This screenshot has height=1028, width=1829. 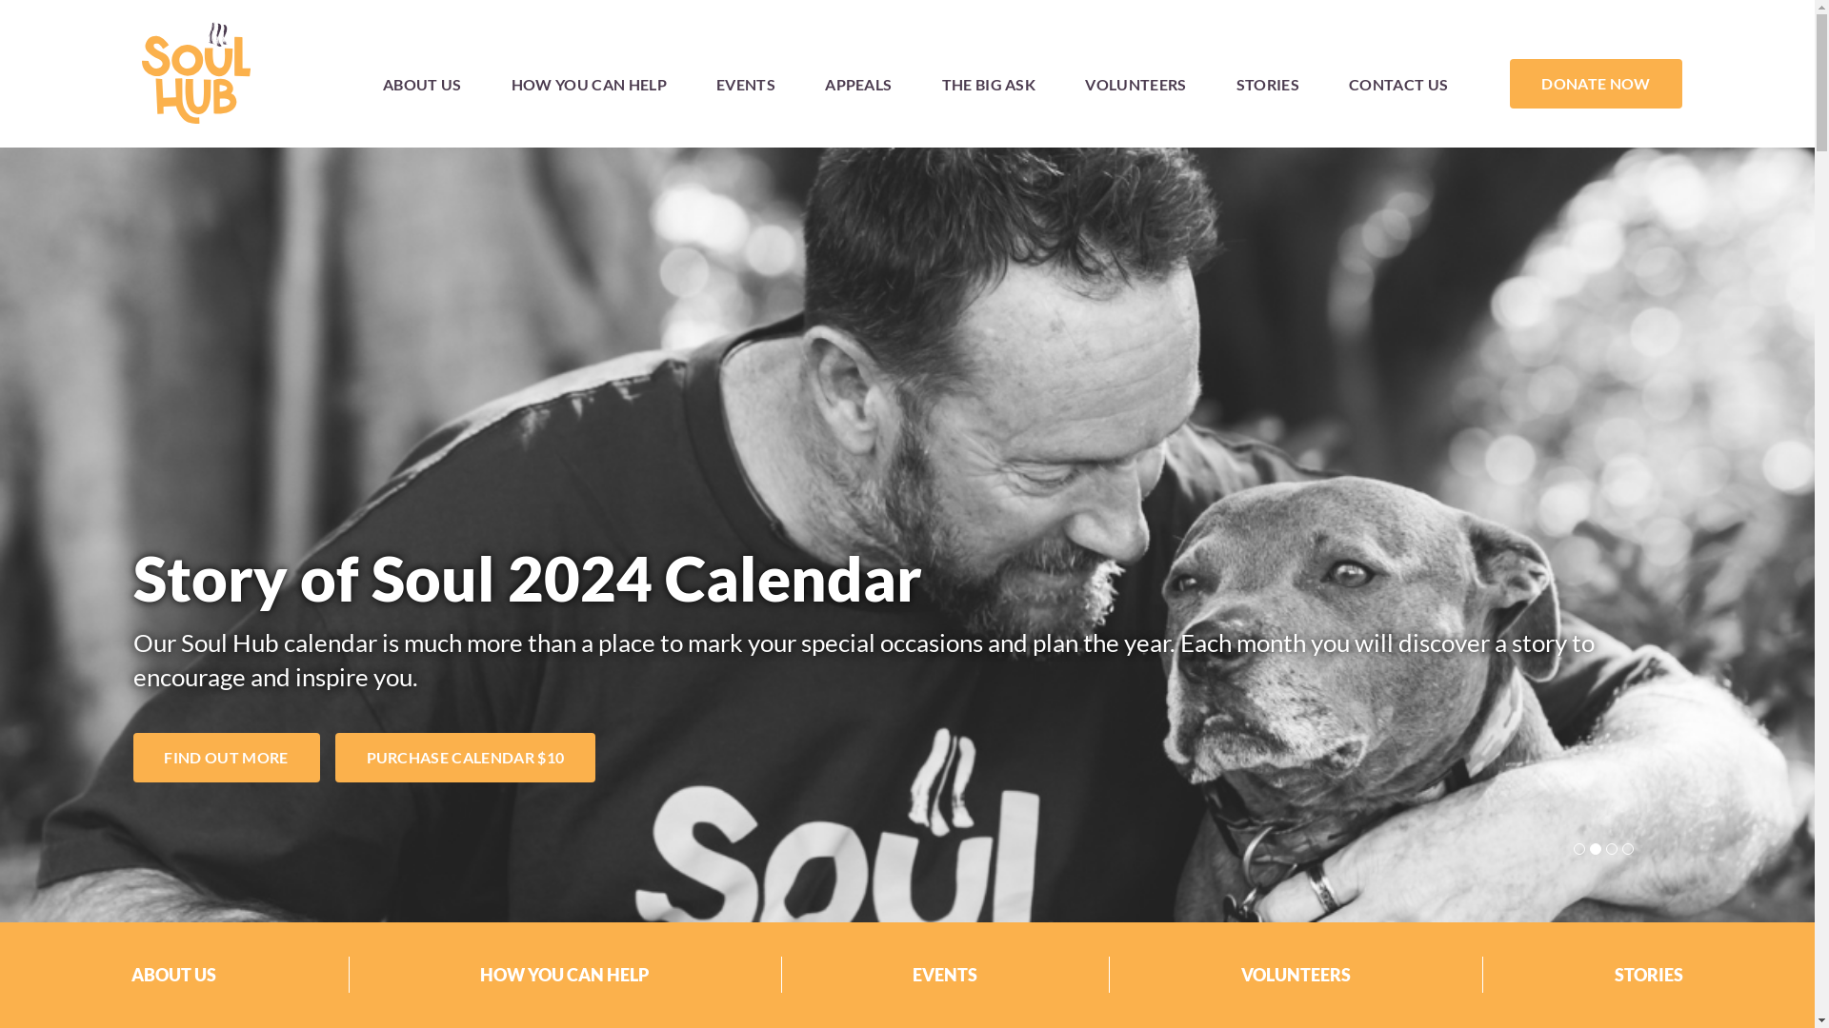 I want to click on 'Story of Soul 2024 Calendar', so click(x=527, y=576).